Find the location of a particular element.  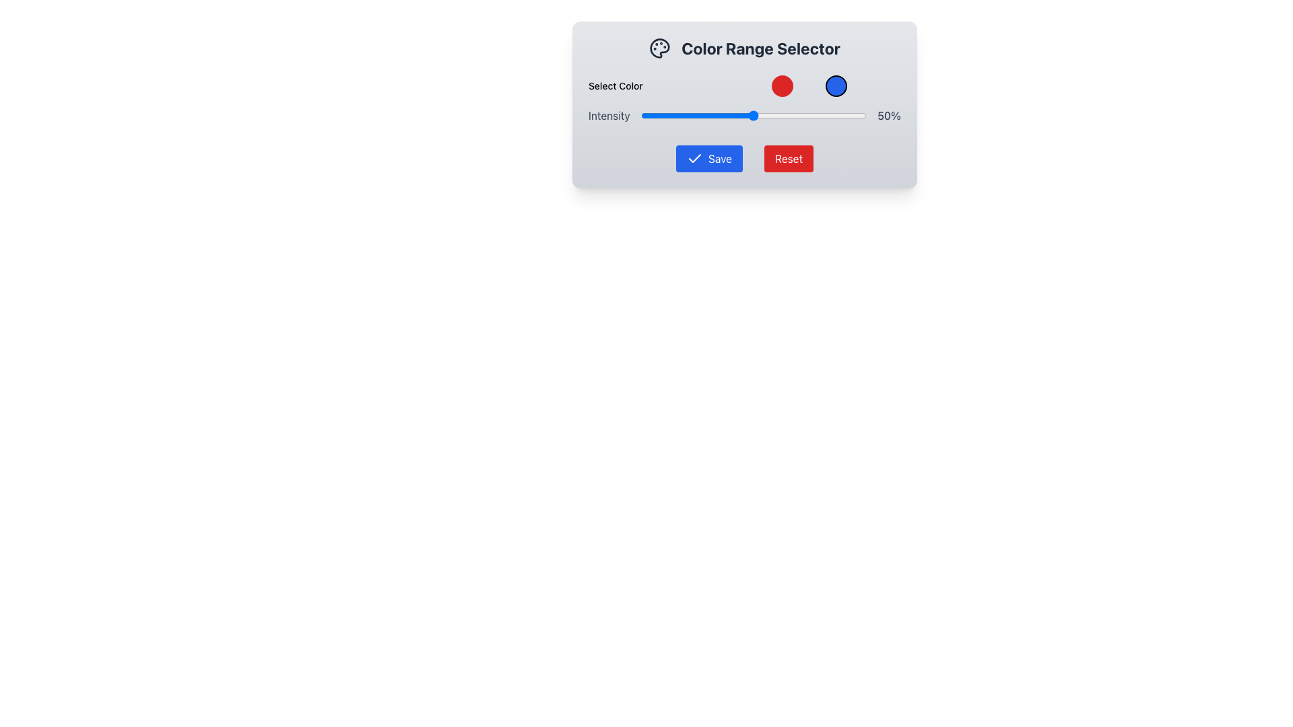

the blue circular color button under the 'Select Color' label, which is the third button in the row of five color options is located at coordinates (836, 85).